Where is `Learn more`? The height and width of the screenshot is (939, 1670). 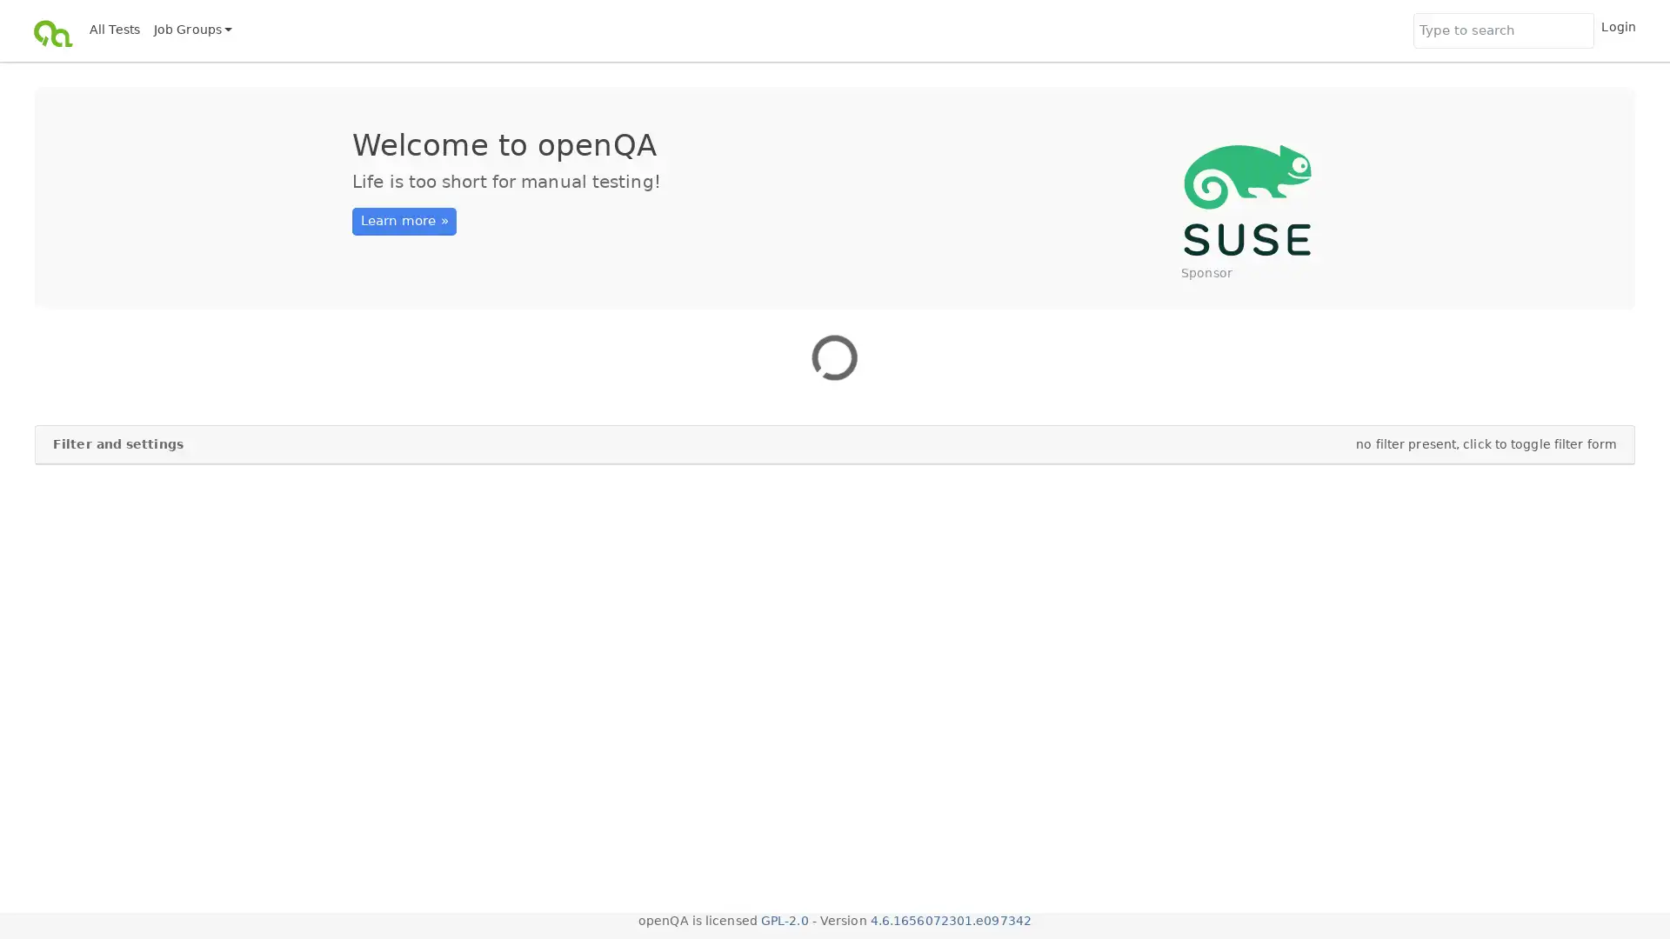
Learn more is located at coordinates (404, 220).